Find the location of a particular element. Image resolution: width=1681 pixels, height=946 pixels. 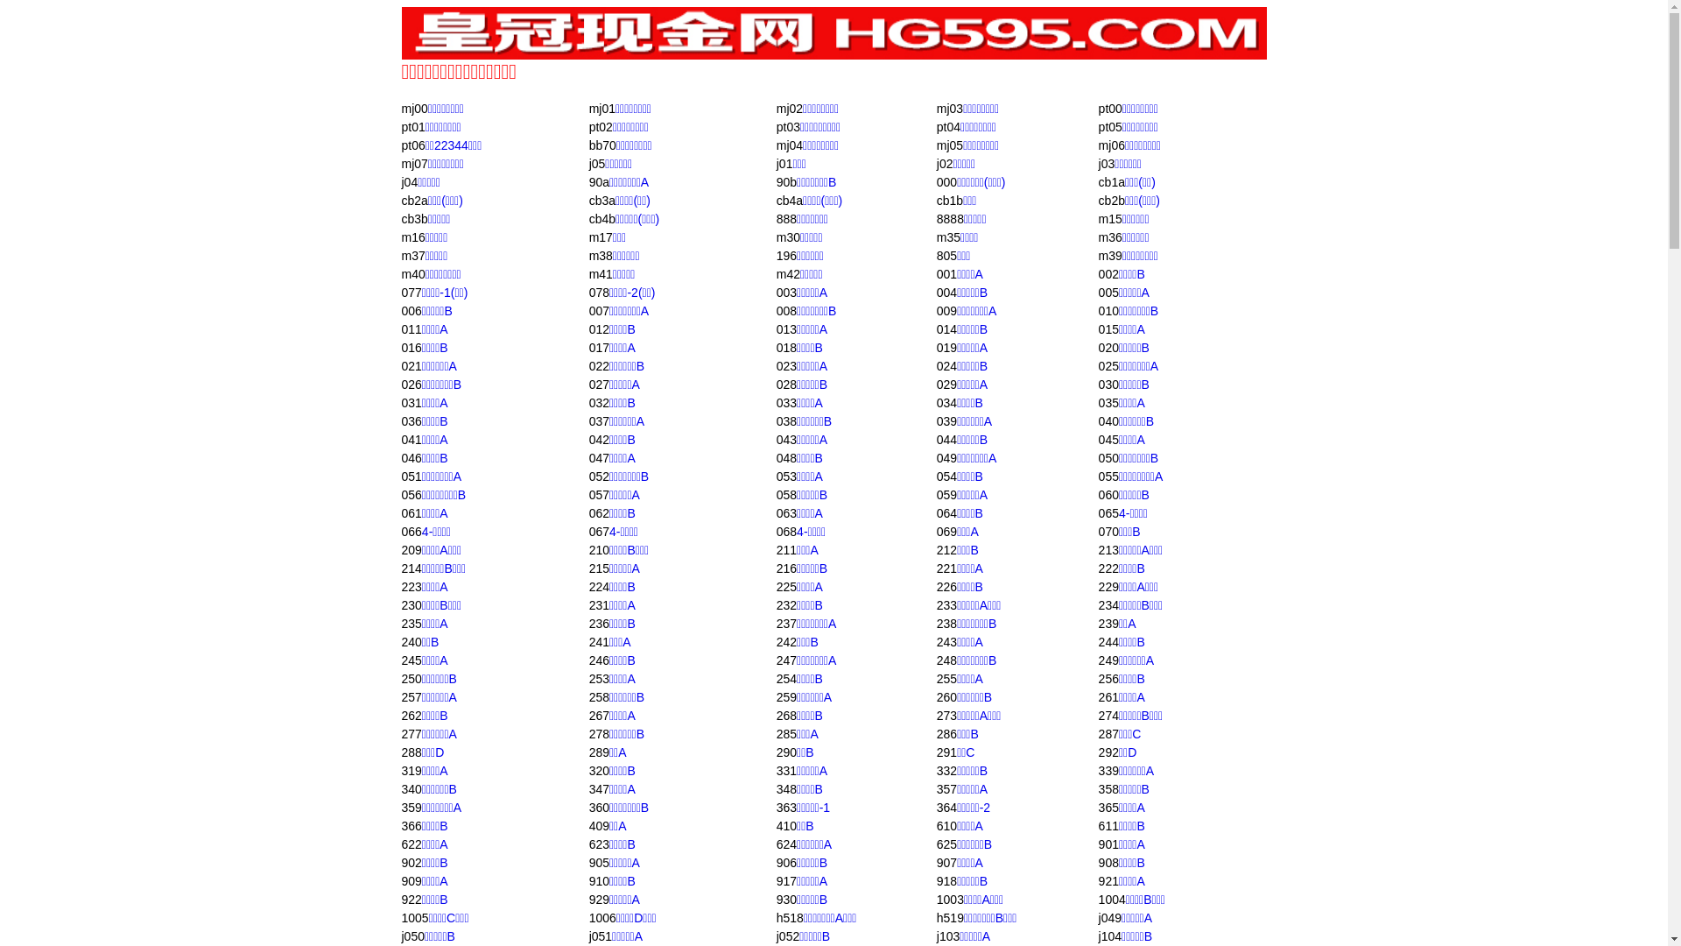

'046' is located at coordinates (410, 457).